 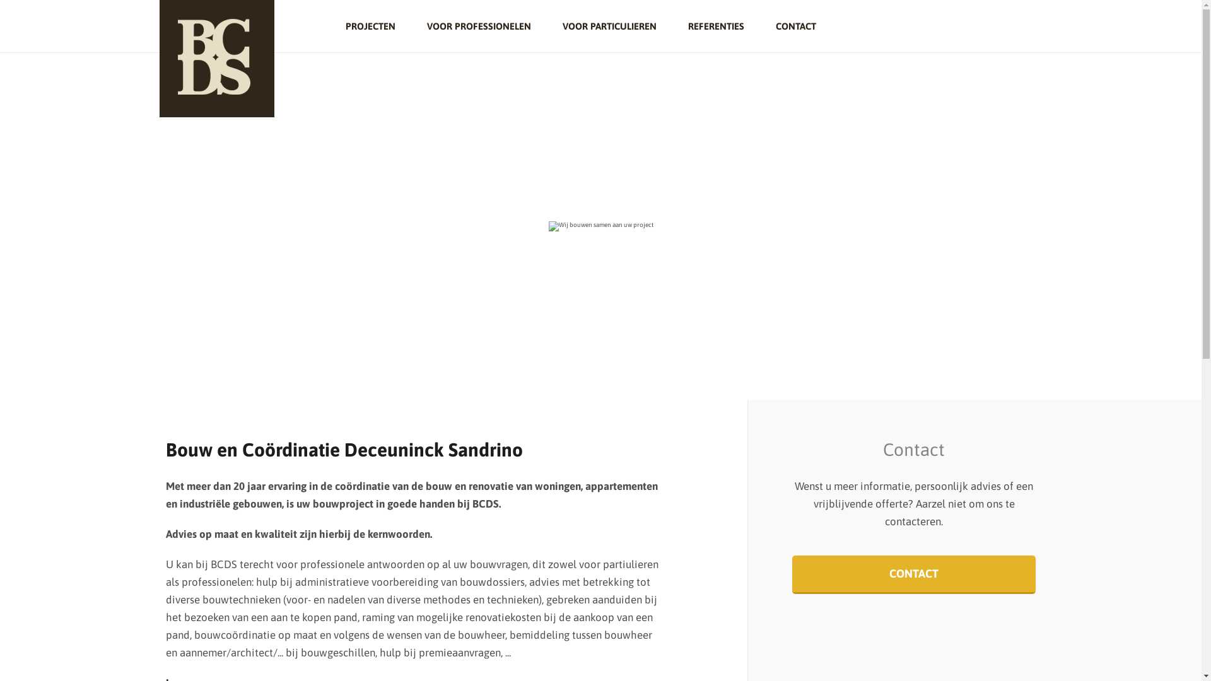 What do you see at coordinates (716, 26) in the screenshot?
I see `'REFERENTIES'` at bounding box center [716, 26].